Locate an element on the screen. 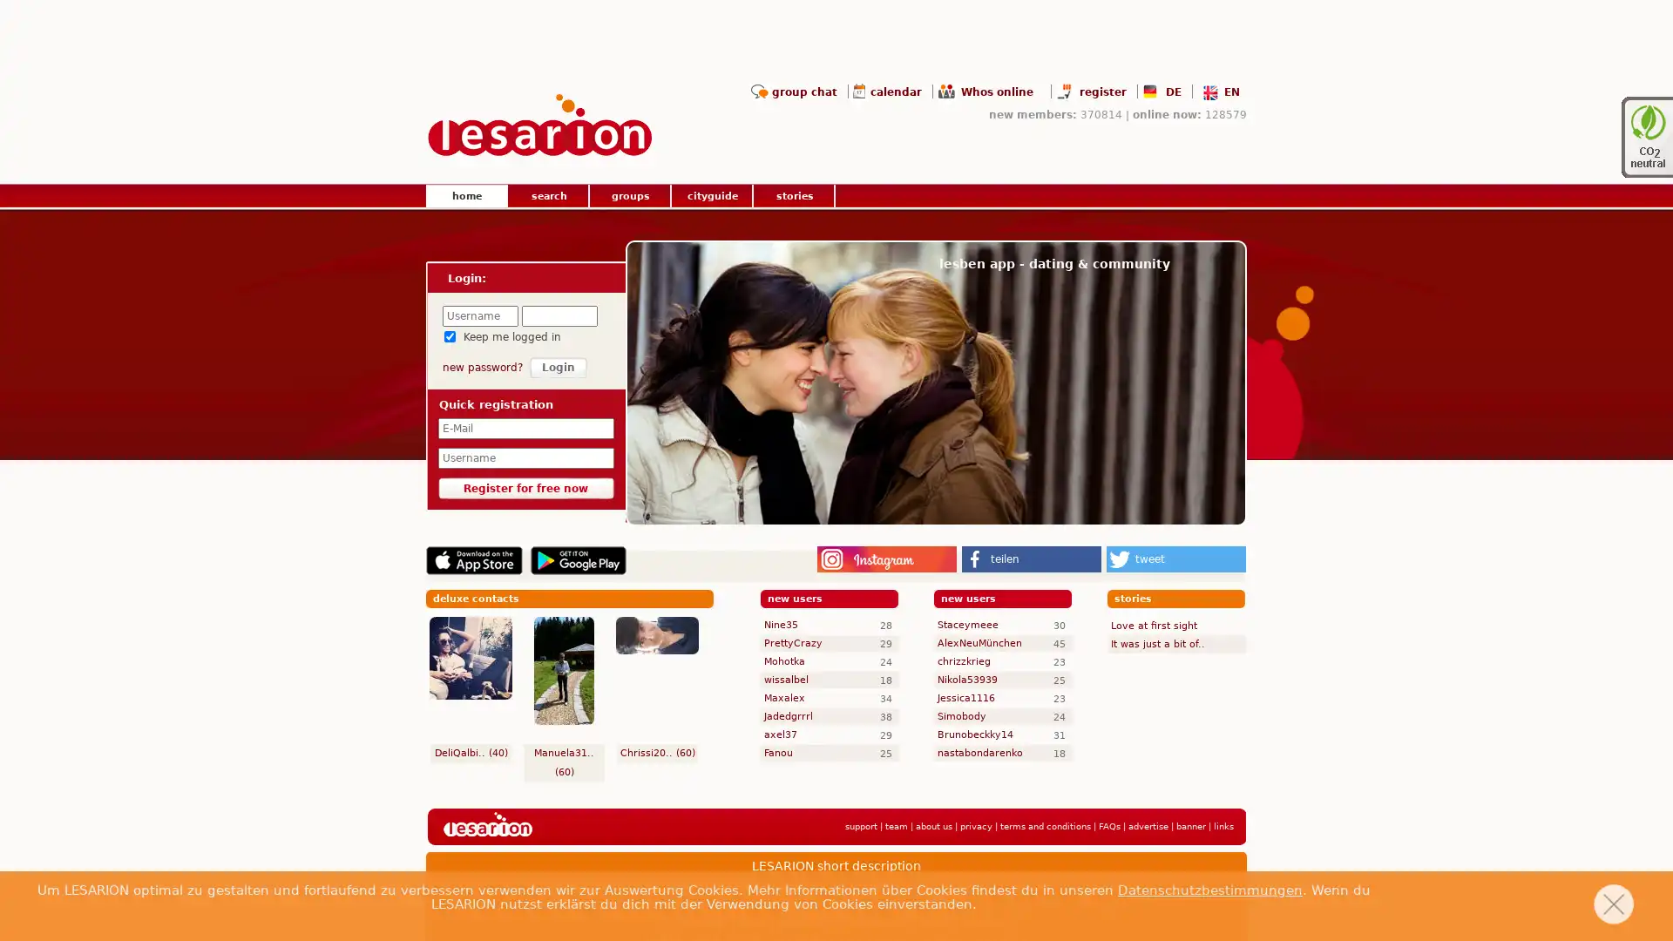 Image resolution: width=1673 pixels, height=941 pixels. Bei Twitter teilen is located at coordinates (1175, 559).